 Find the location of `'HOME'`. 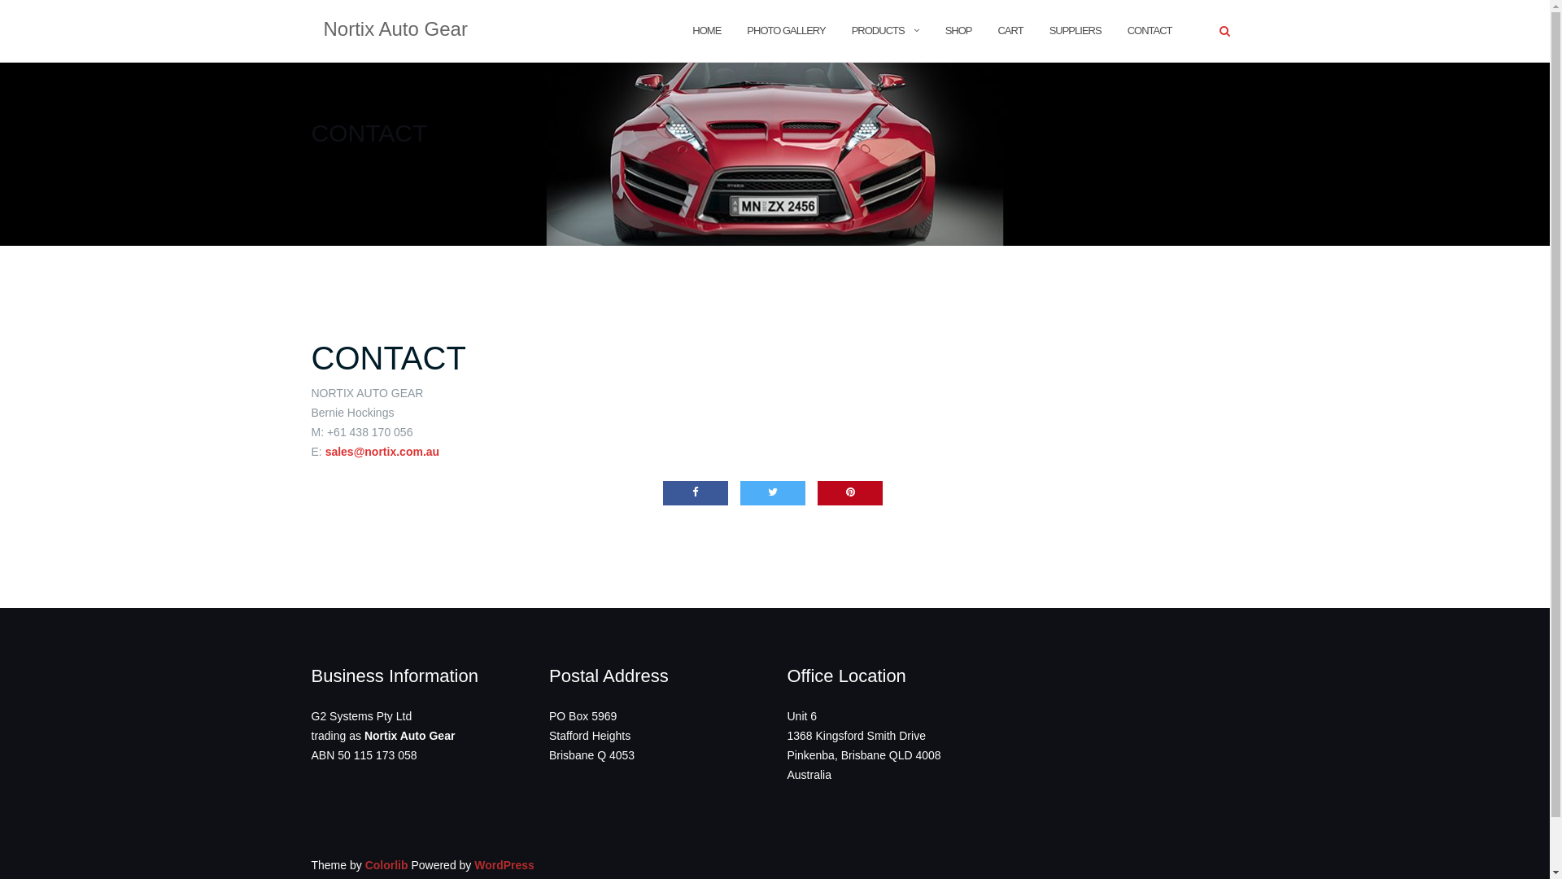

'HOME' is located at coordinates (692, 30).